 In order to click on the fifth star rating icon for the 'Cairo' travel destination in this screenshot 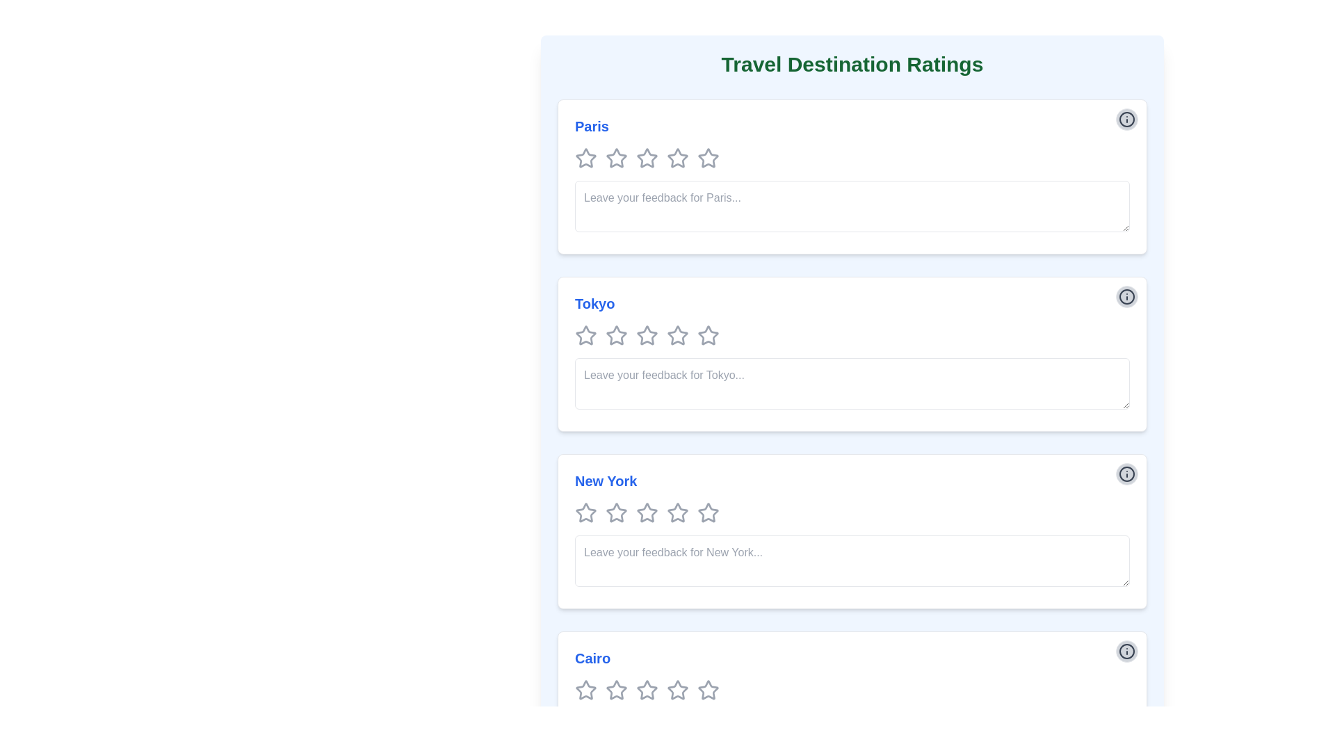, I will do `click(708, 690)`.